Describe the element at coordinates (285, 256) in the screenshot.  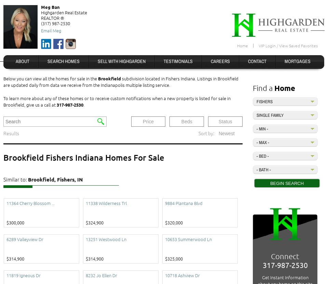
I see `'Connect'` at that location.